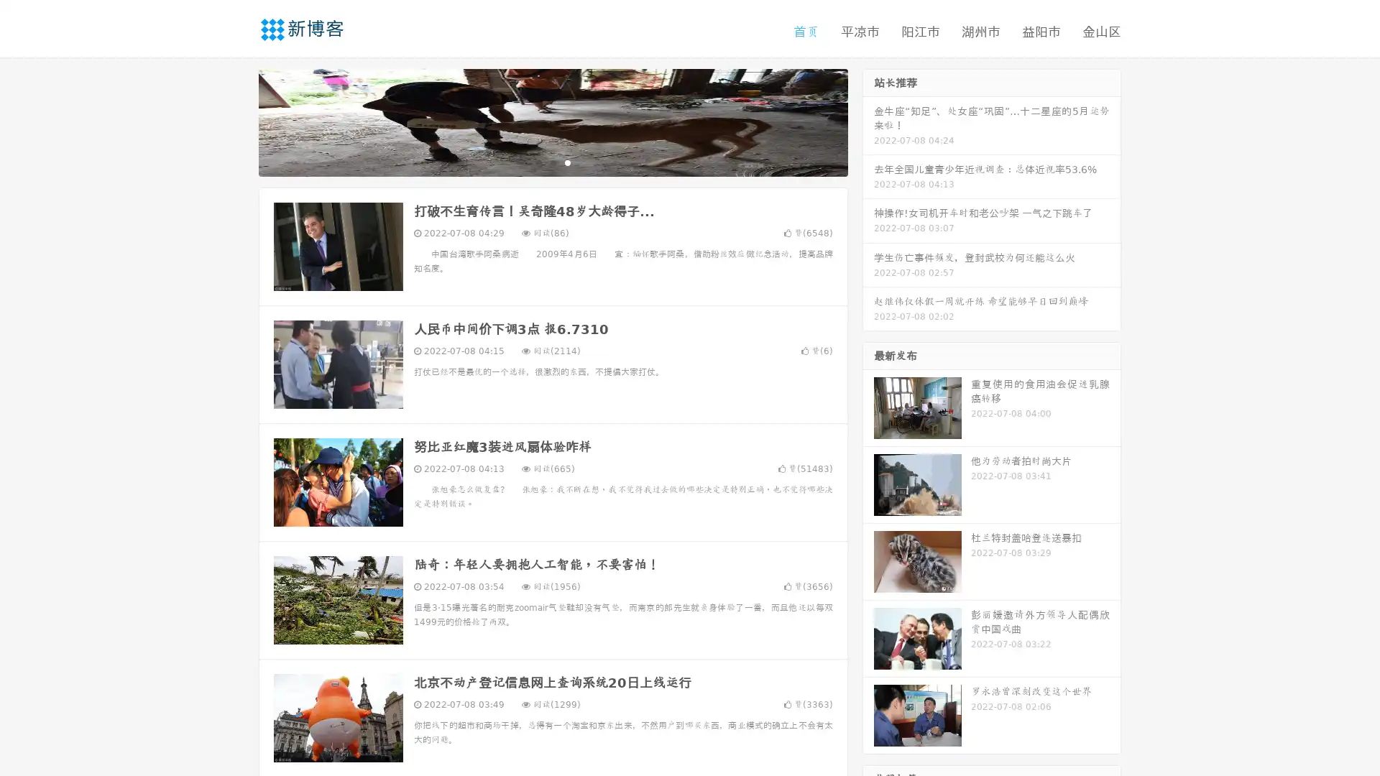  What do you see at coordinates (868, 121) in the screenshot?
I see `Next slide` at bounding box center [868, 121].